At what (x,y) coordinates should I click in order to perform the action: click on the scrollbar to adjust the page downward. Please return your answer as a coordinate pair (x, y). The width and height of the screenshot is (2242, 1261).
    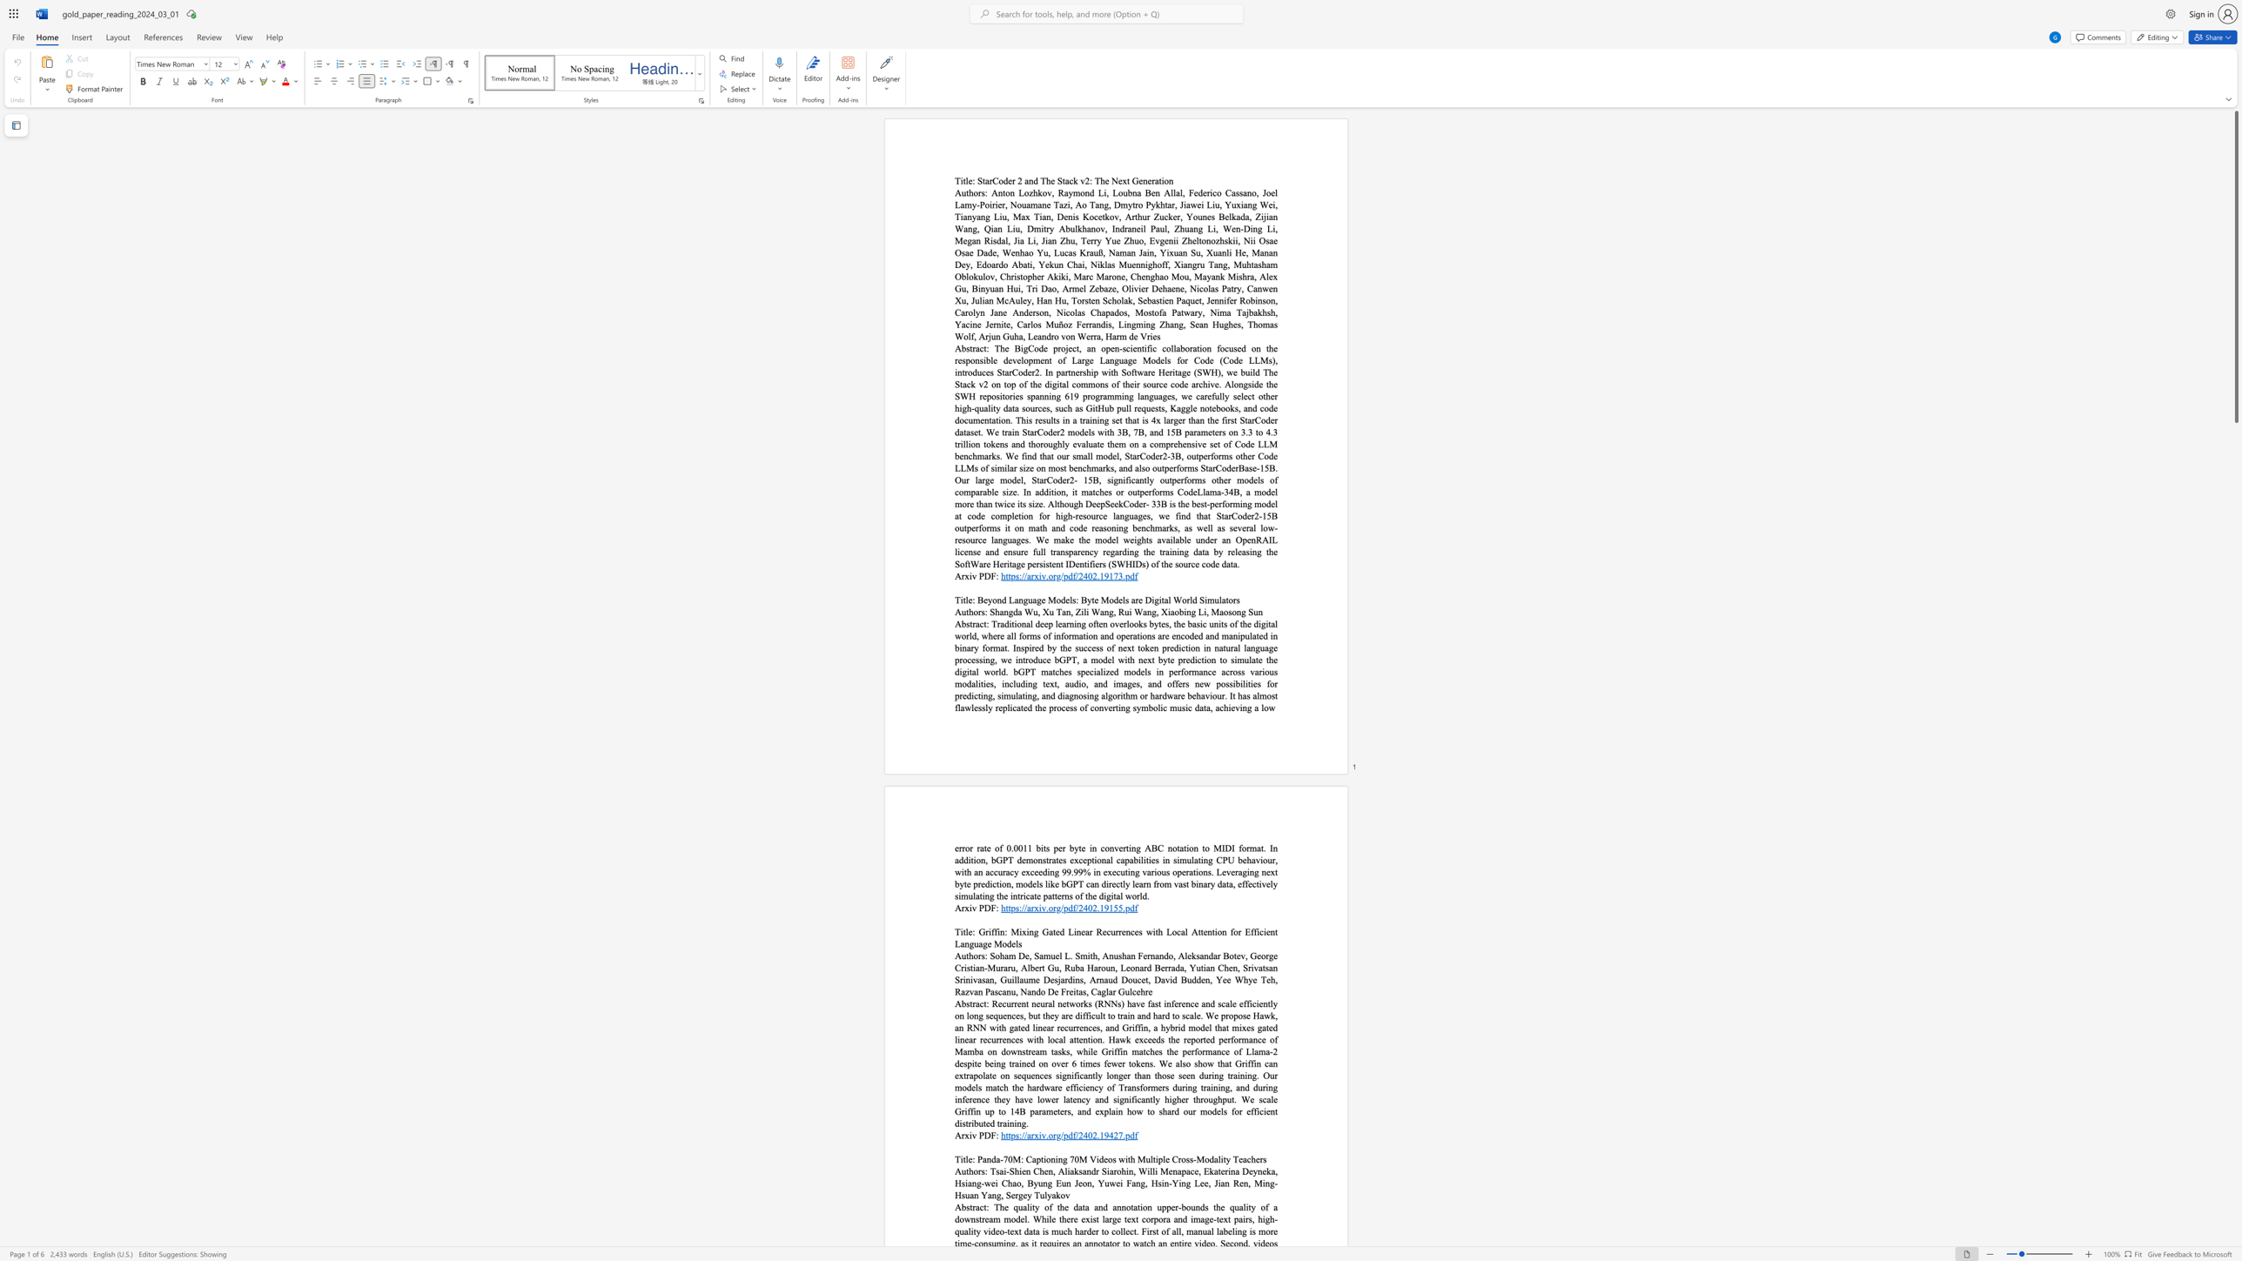
    Looking at the image, I should click on (2235, 956).